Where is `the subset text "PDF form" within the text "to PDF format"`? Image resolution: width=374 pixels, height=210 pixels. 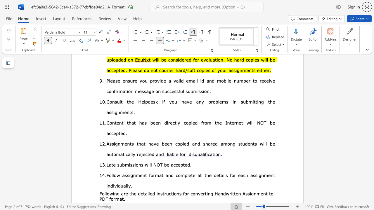 the subset text "PDF form" within the text "to PDF format" is located at coordinates (99, 198).